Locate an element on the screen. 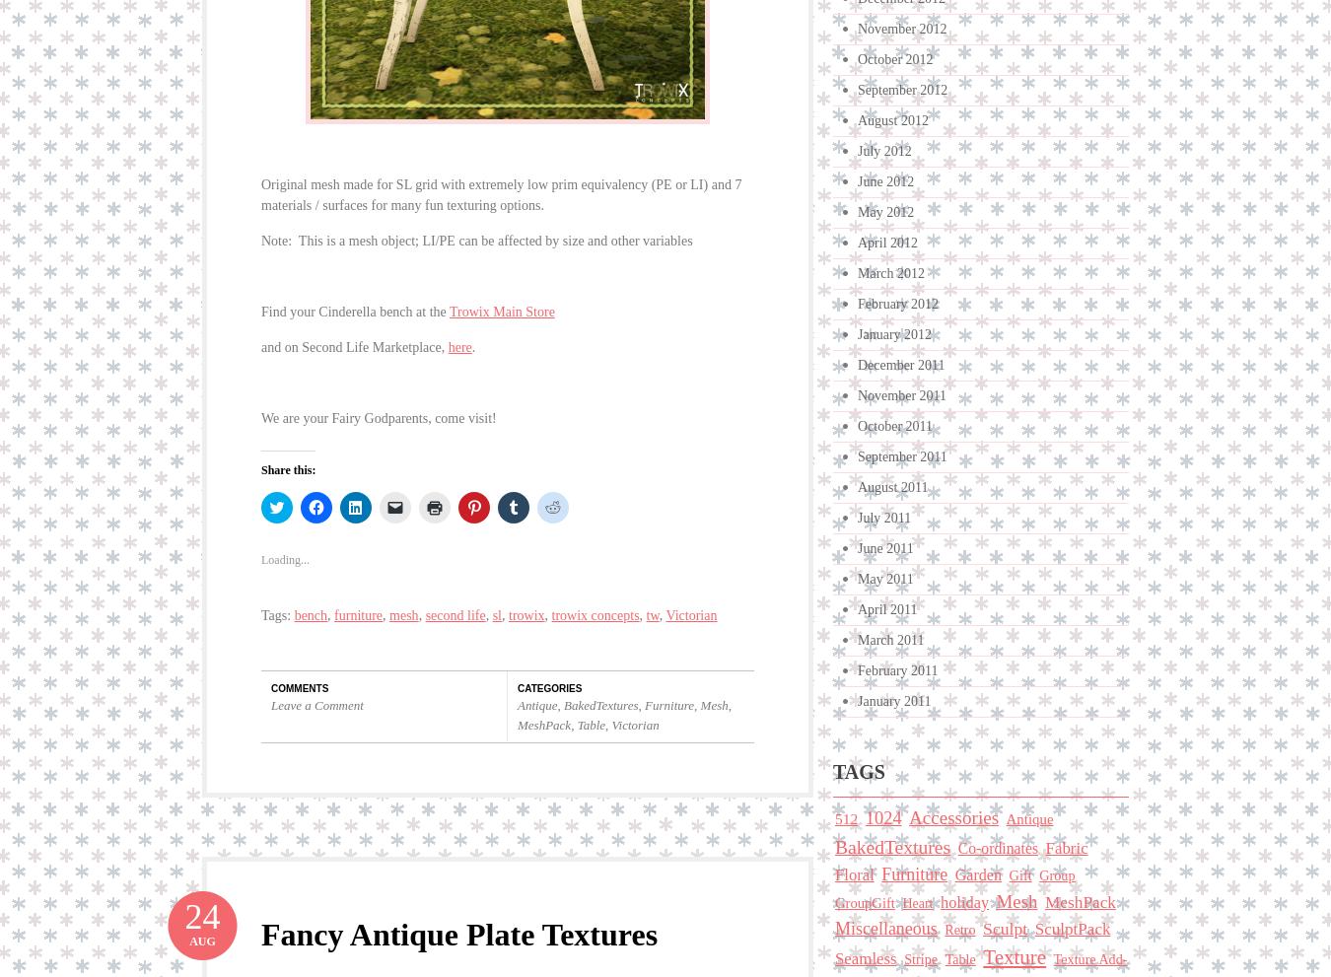  'tw' is located at coordinates (652, 610).